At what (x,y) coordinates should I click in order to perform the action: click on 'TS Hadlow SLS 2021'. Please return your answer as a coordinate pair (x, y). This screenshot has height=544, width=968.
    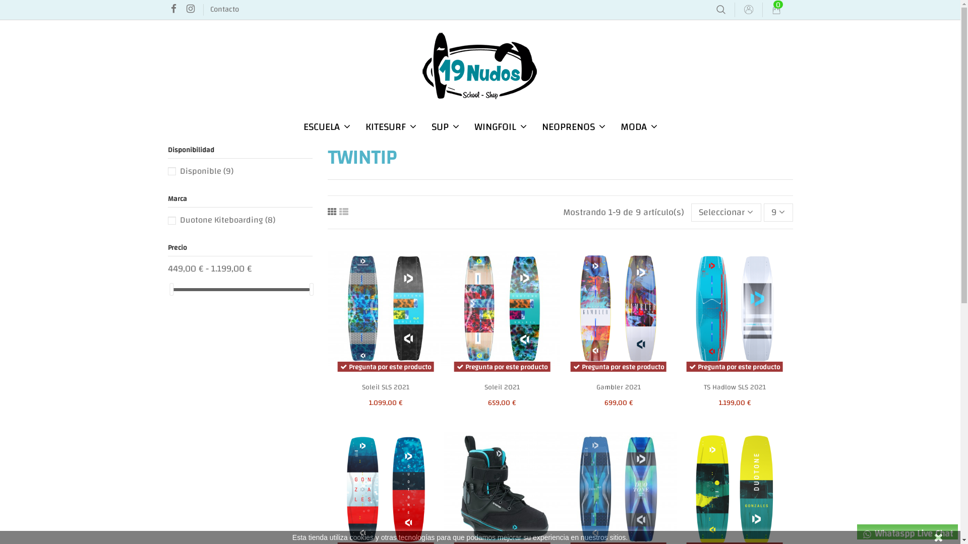
    Looking at the image, I should click on (735, 386).